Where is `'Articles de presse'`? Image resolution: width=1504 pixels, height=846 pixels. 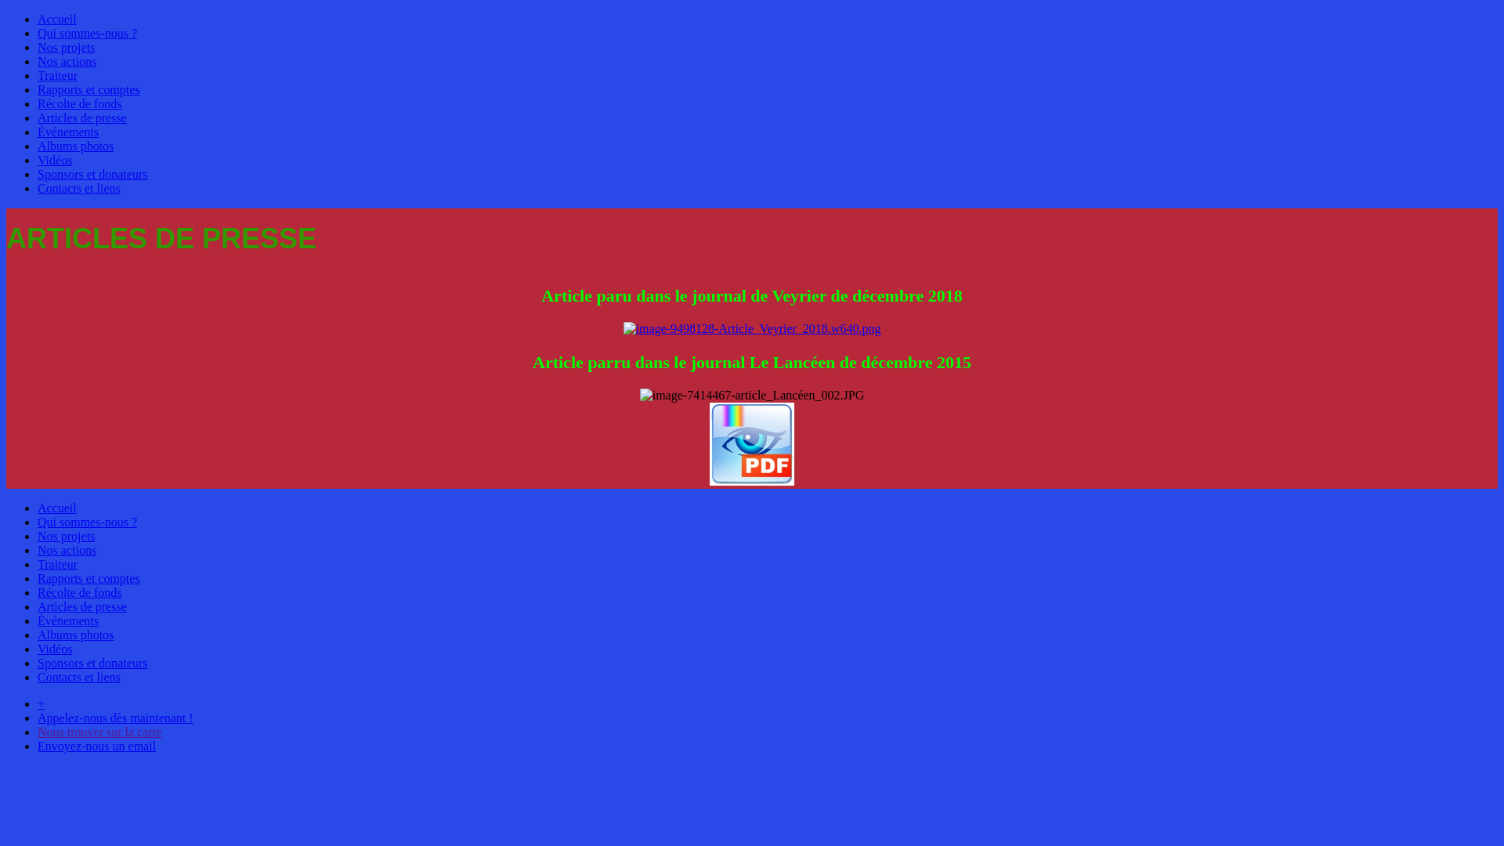 'Articles de presse' is located at coordinates (38, 606).